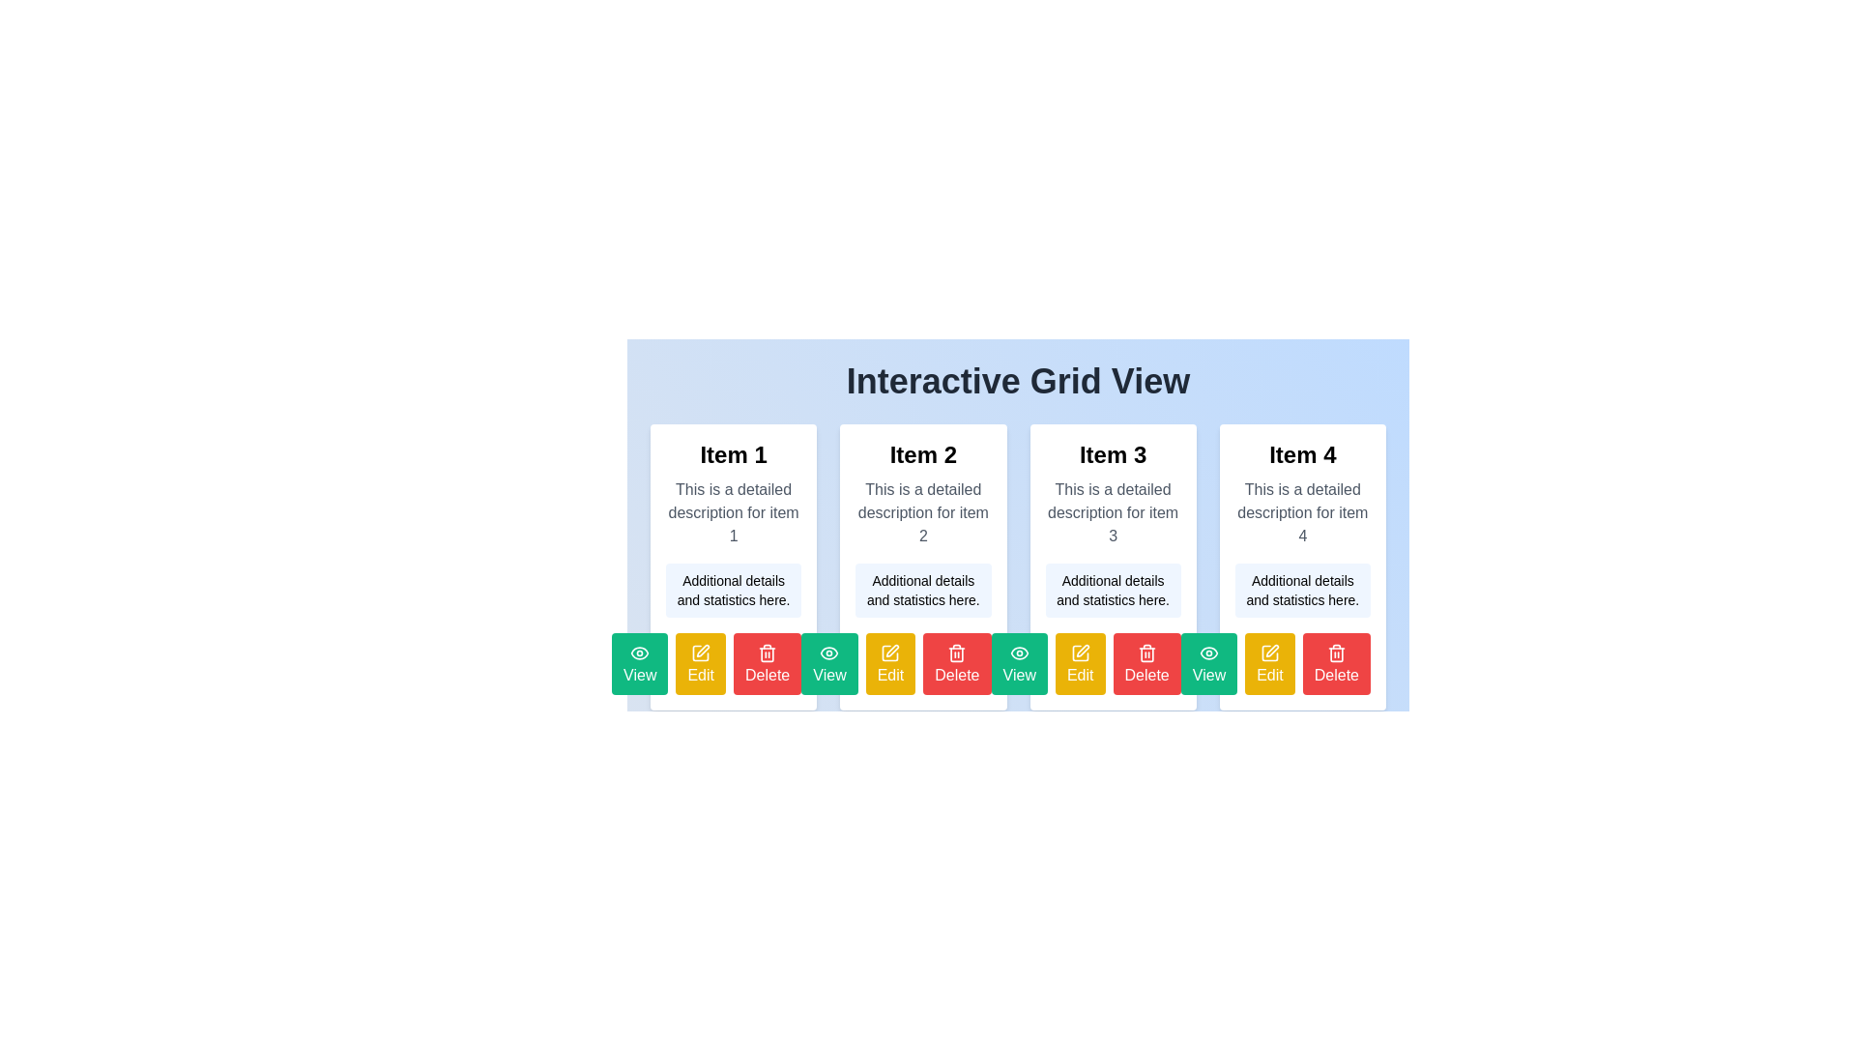 This screenshot has height=1044, width=1856. I want to click on the red 'Delete' button with white text and a trashcan icon, located at the bottom-right of the card labeled 'Item 2', so click(922, 662).